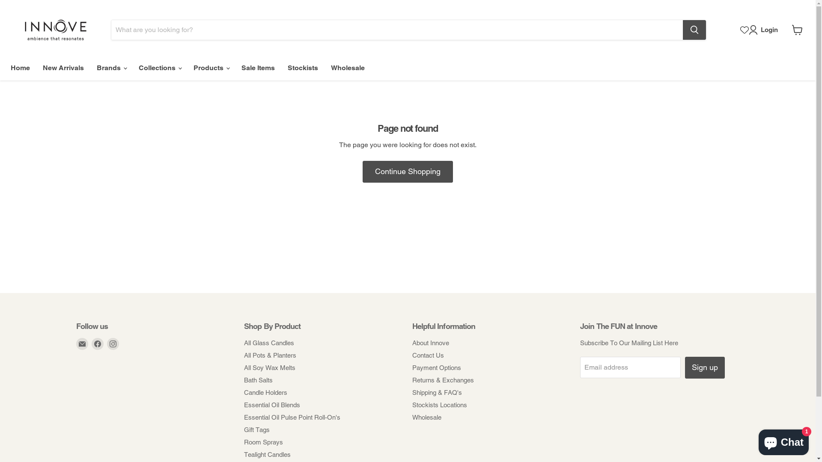 This screenshot has width=822, height=462. What do you see at coordinates (756, 440) in the screenshot?
I see `'Shopify online store chat'` at bounding box center [756, 440].